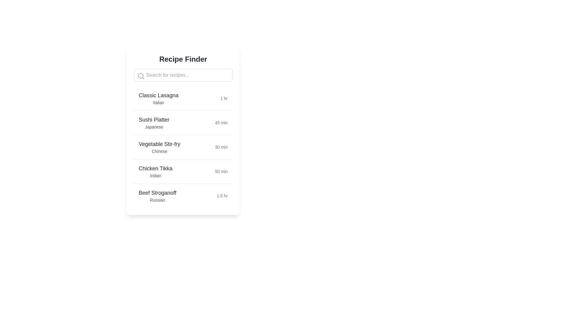 This screenshot has height=325, width=579. What do you see at coordinates (156, 172) in the screenshot?
I see `the text label representing the fourth recipe entry in the recipe finder interface` at bounding box center [156, 172].